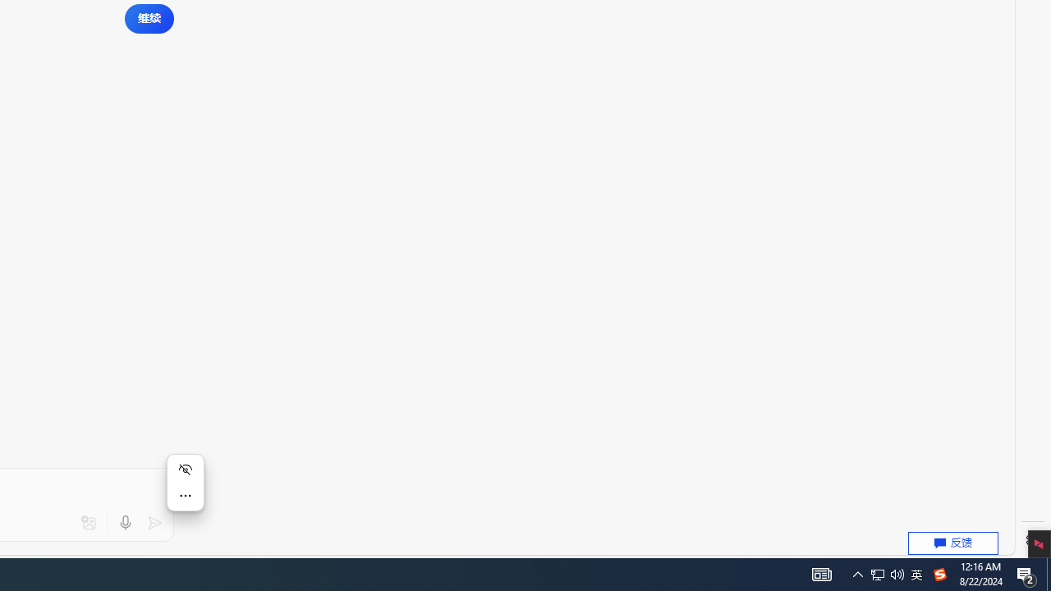 Image resolution: width=1051 pixels, height=591 pixels. Describe the element at coordinates (185, 481) in the screenshot. I see `'Mini menu on text selection'` at that location.